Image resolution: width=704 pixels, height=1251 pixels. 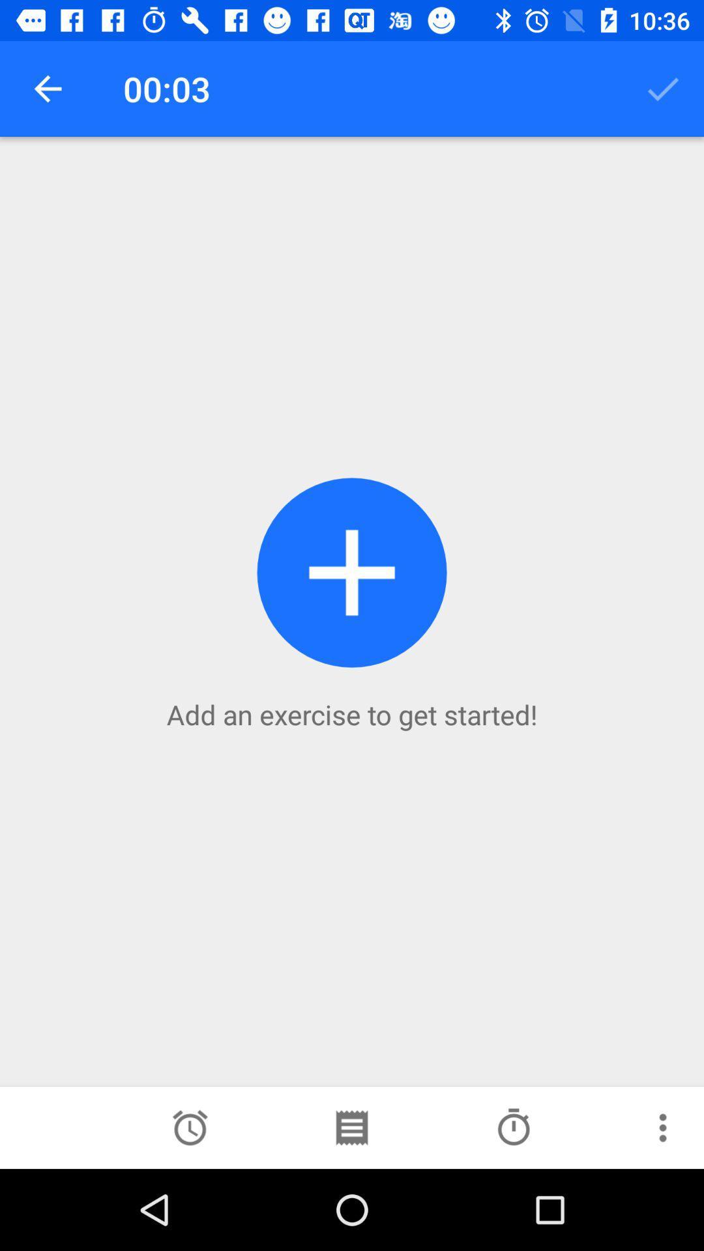 What do you see at coordinates (663, 88) in the screenshot?
I see `the item next to the 00:03 item` at bounding box center [663, 88].